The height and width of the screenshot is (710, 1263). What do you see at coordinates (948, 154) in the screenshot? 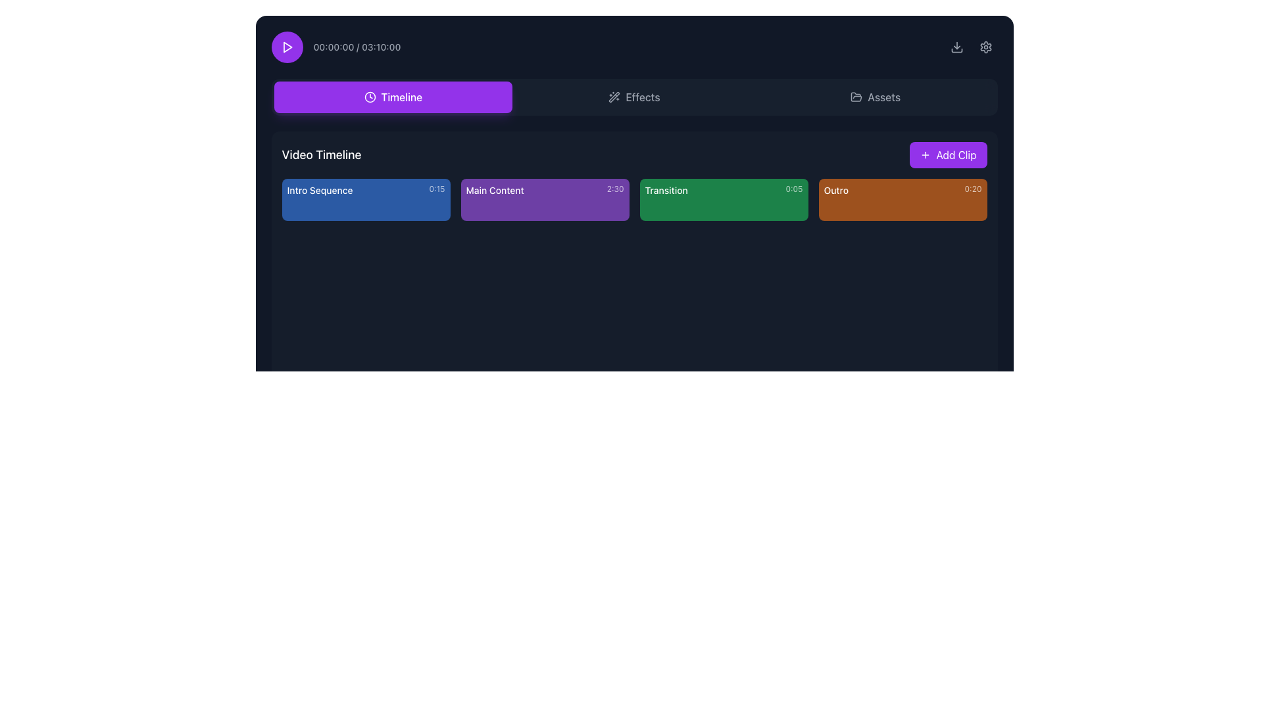
I see `the 'Add Clip' button located in the top-right corner of the 'Video Timeline' section` at bounding box center [948, 154].